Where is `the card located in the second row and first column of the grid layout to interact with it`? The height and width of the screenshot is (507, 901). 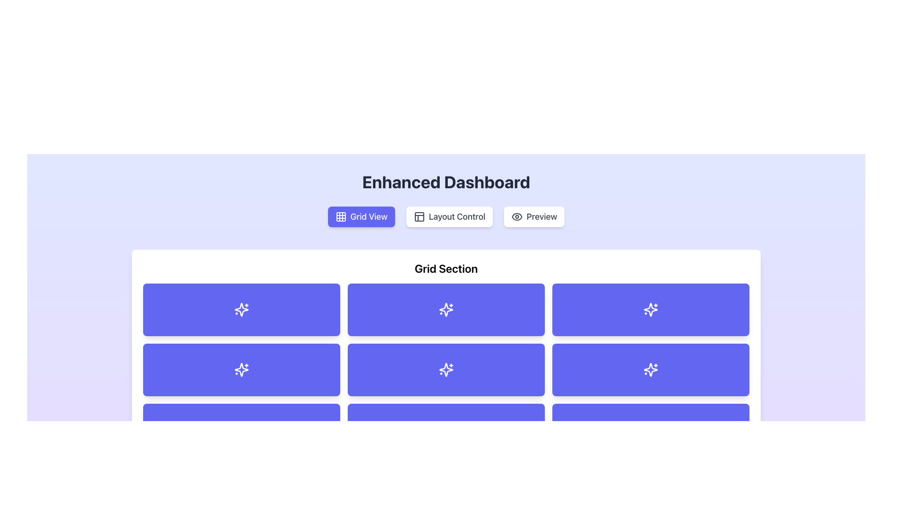 the card located in the second row and first column of the grid layout to interact with it is located at coordinates (242, 369).